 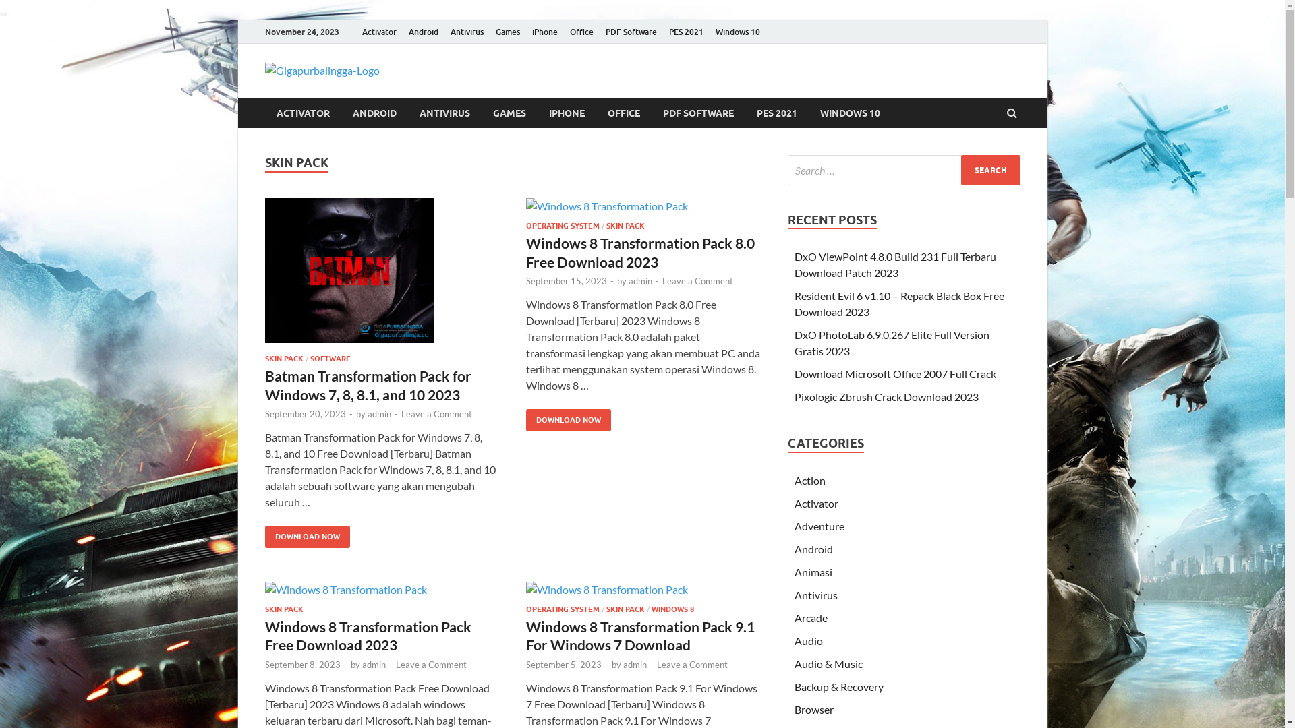 What do you see at coordinates (567, 280) in the screenshot?
I see `'September 15, 2023'` at bounding box center [567, 280].